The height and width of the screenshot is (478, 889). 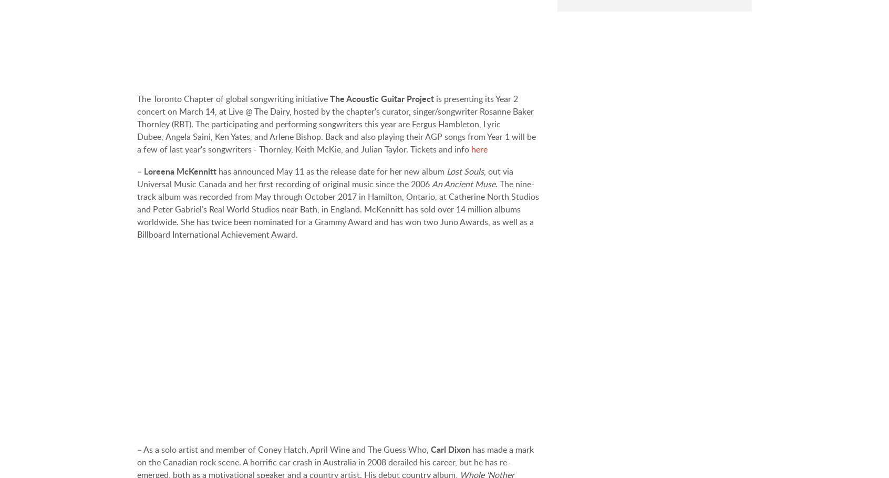 I want to click on 'Loreena McKennitt', so click(x=143, y=171).